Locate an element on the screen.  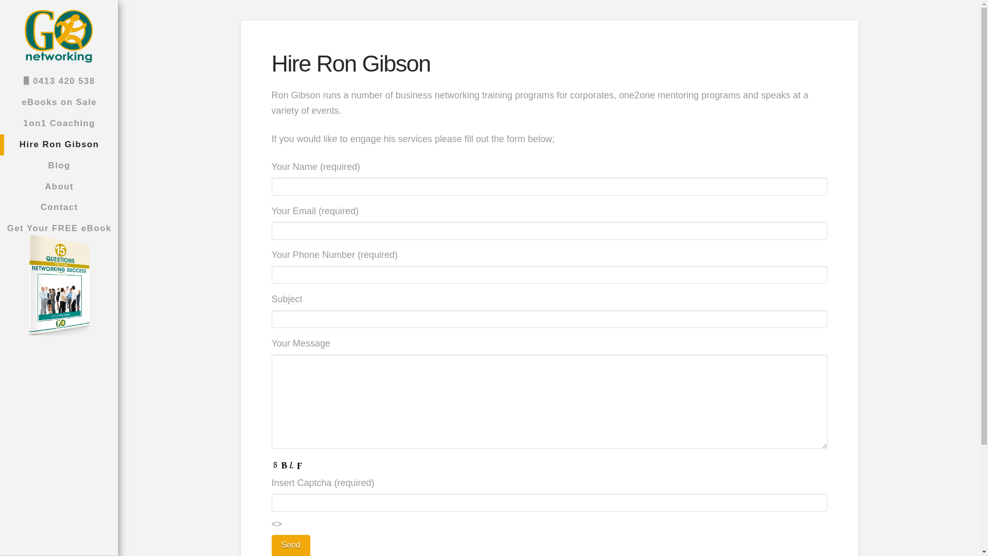
'About' is located at coordinates (58, 187).